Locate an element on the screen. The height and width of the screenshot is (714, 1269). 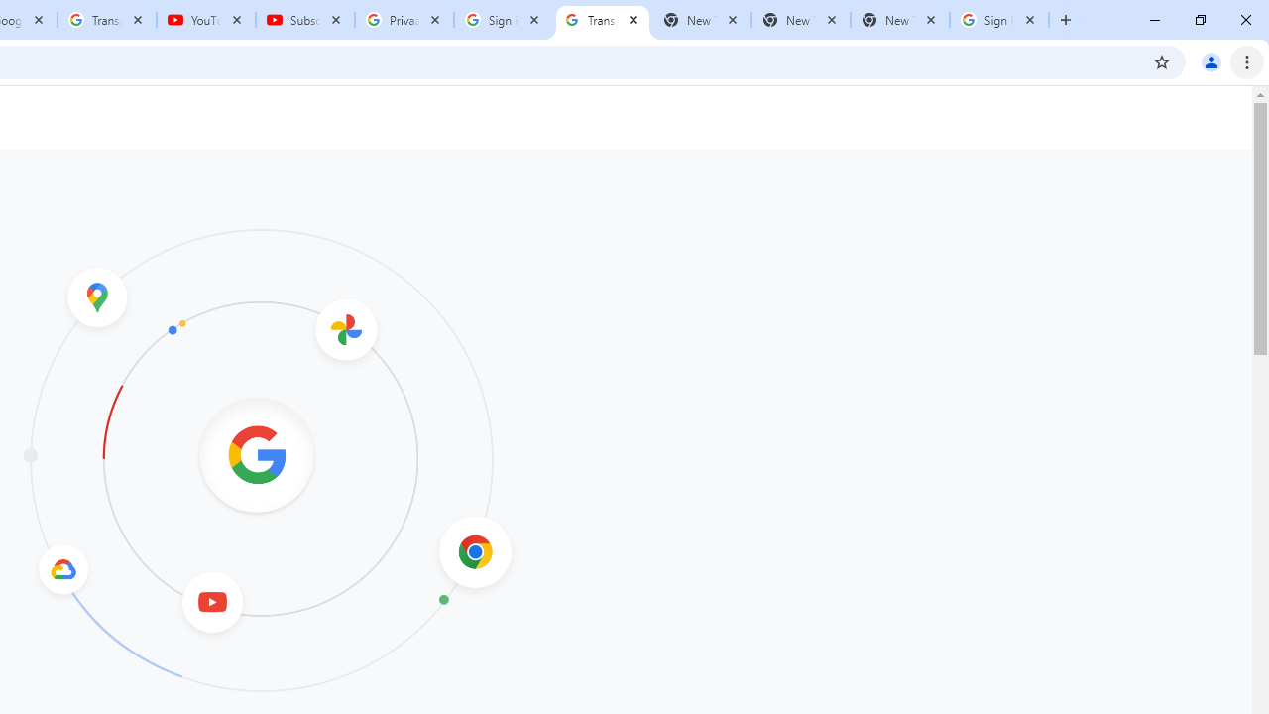
'Subscriptions - YouTube' is located at coordinates (304, 20).